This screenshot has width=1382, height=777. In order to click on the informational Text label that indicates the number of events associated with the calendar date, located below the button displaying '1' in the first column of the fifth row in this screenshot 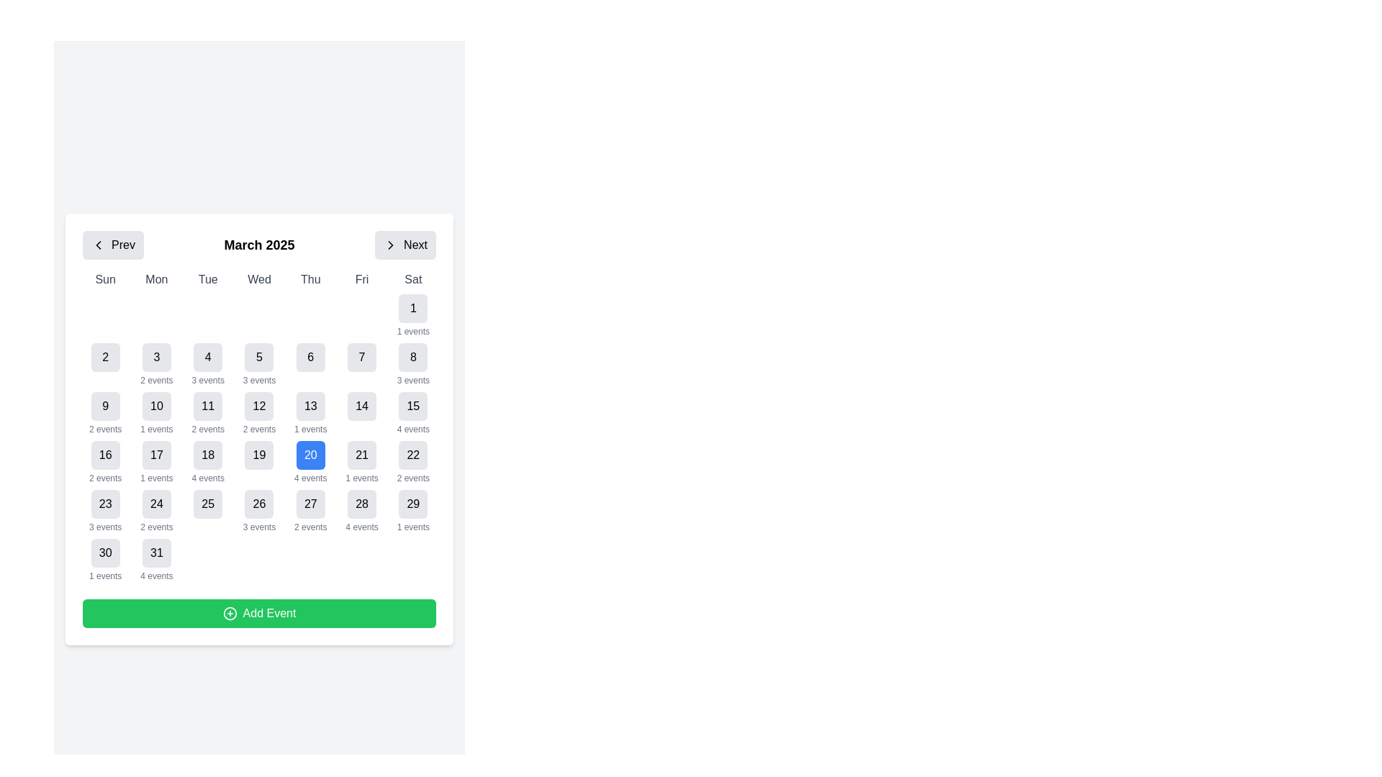, I will do `click(156, 478)`.